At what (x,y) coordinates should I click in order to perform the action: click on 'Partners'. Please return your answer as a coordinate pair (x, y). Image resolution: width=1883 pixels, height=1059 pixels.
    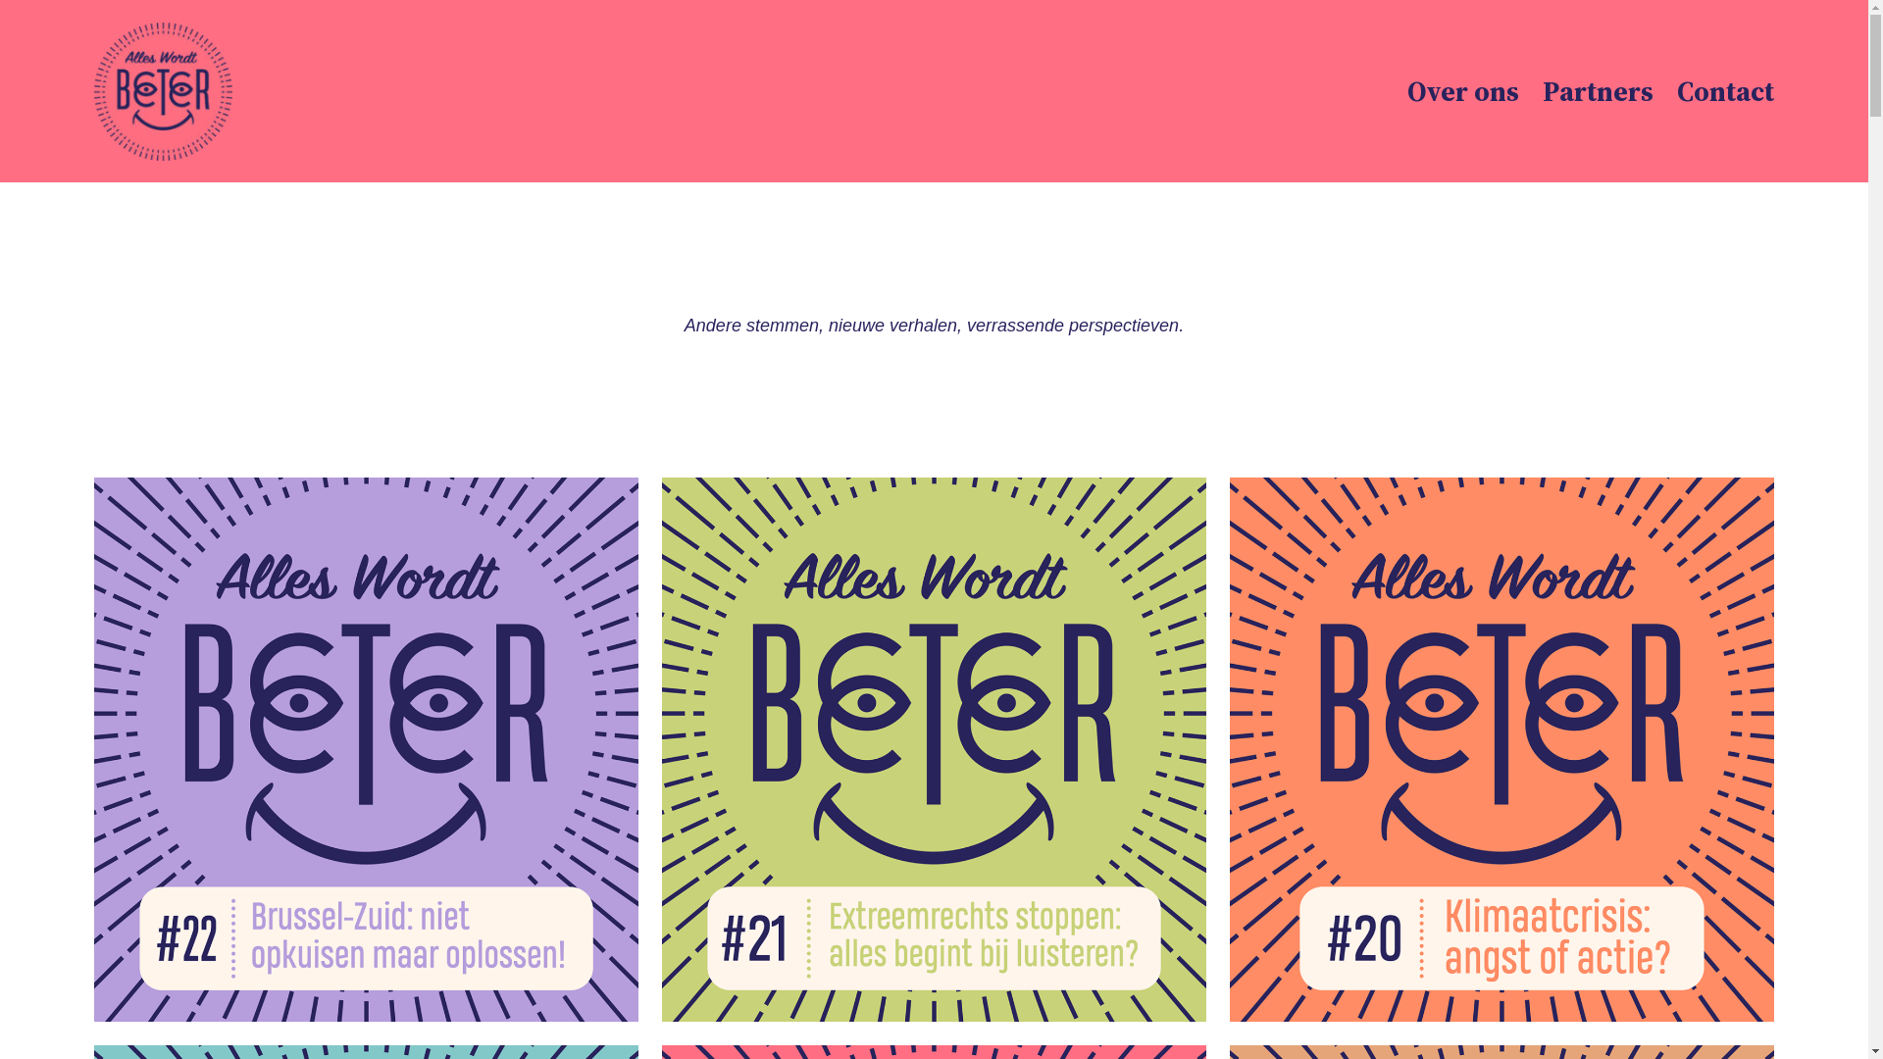
    Looking at the image, I should click on (1598, 91).